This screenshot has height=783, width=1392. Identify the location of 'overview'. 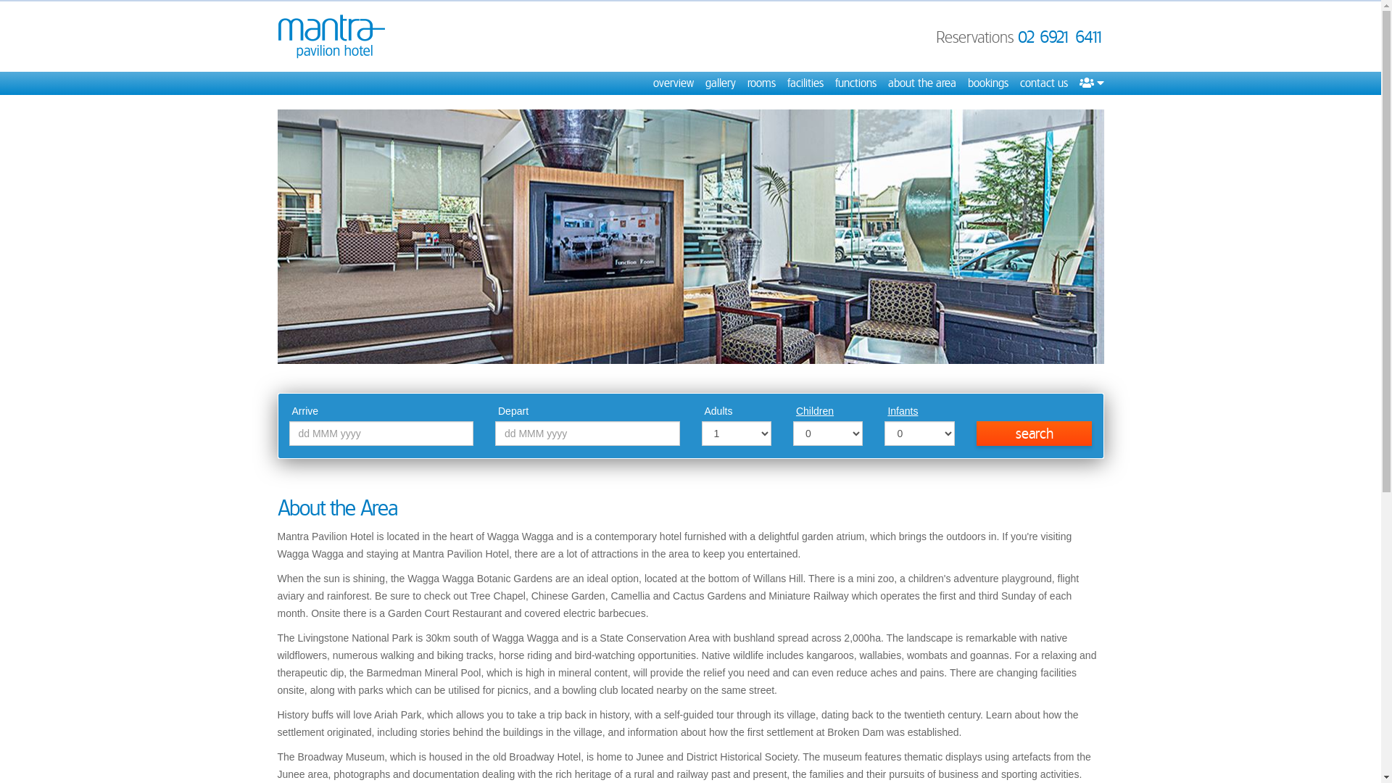
(671, 83).